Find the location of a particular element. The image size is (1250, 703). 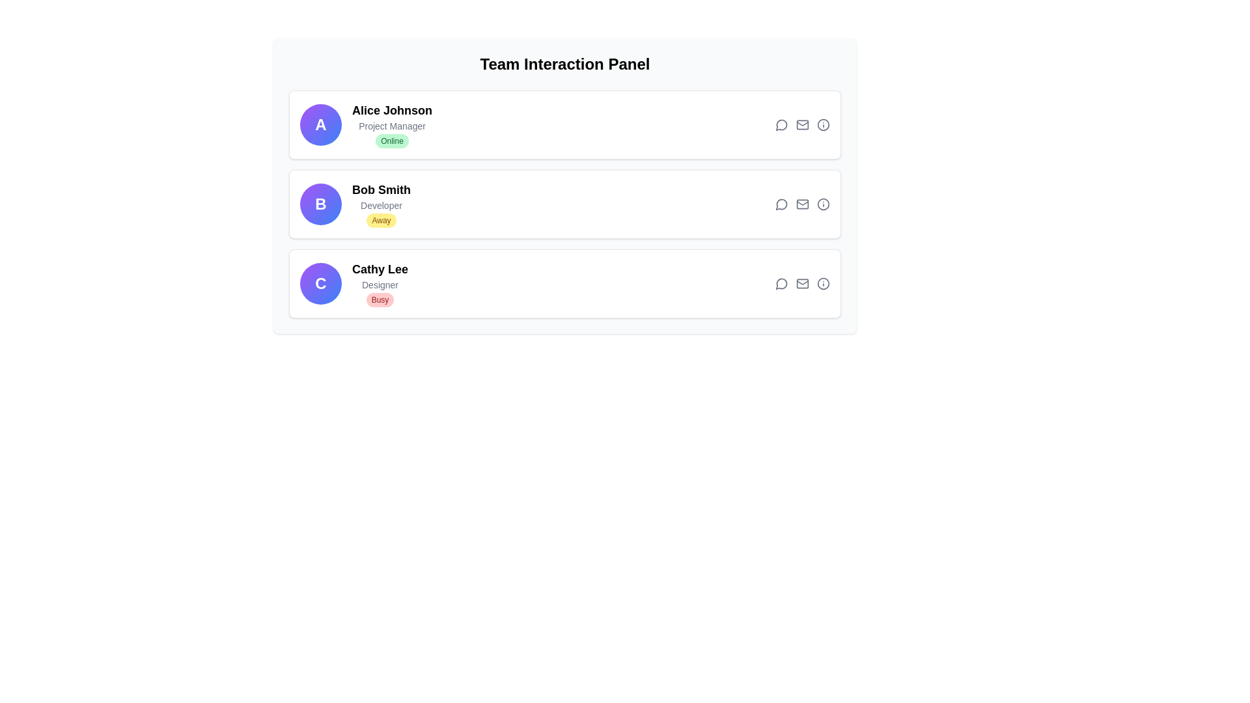

the email button for Bob Smith located in the action bar to change its color is located at coordinates (802, 204).